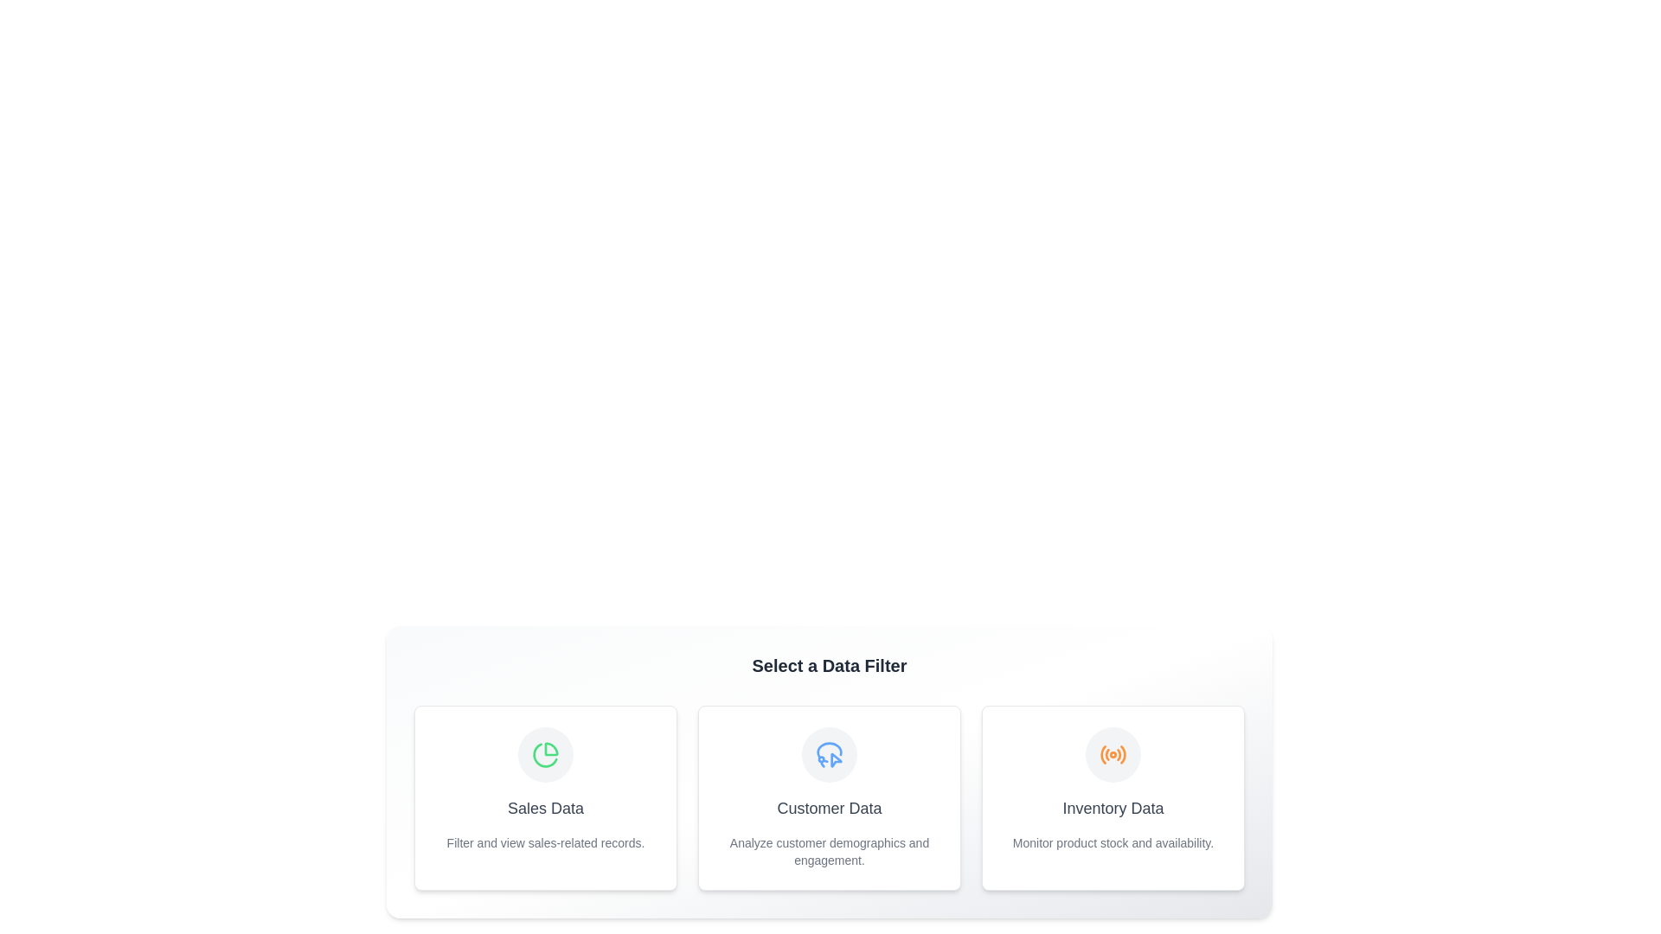  Describe the element at coordinates (1113, 842) in the screenshot. I see `the informational text located at the bottom of the 'Inventory Data' card, which describes monitoring product stock and availability` at that location.